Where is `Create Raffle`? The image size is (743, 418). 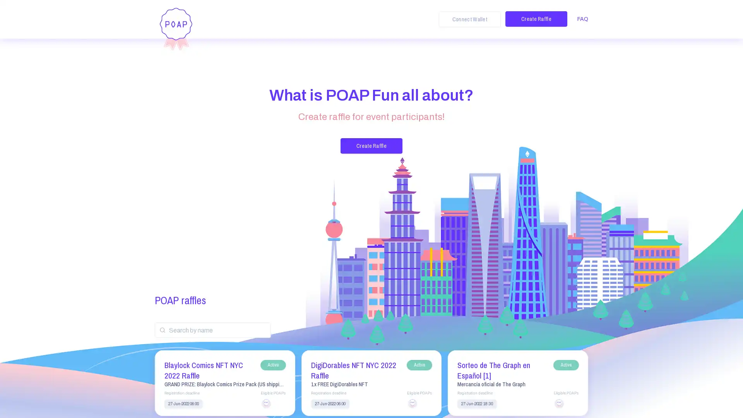 Create Raffle is located at coordinates (536, 19).